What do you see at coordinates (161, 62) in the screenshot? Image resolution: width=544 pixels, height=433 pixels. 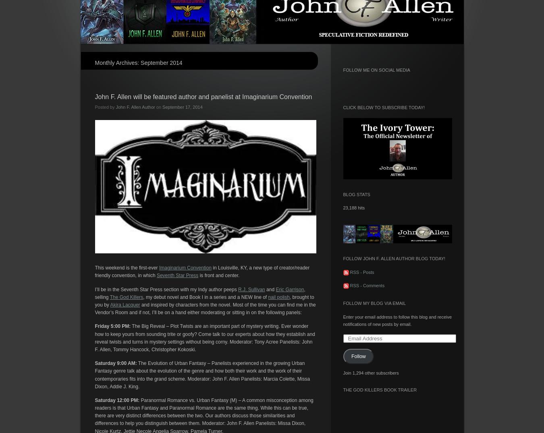 I see `'September 2014'` at bounding box center [161, 62].